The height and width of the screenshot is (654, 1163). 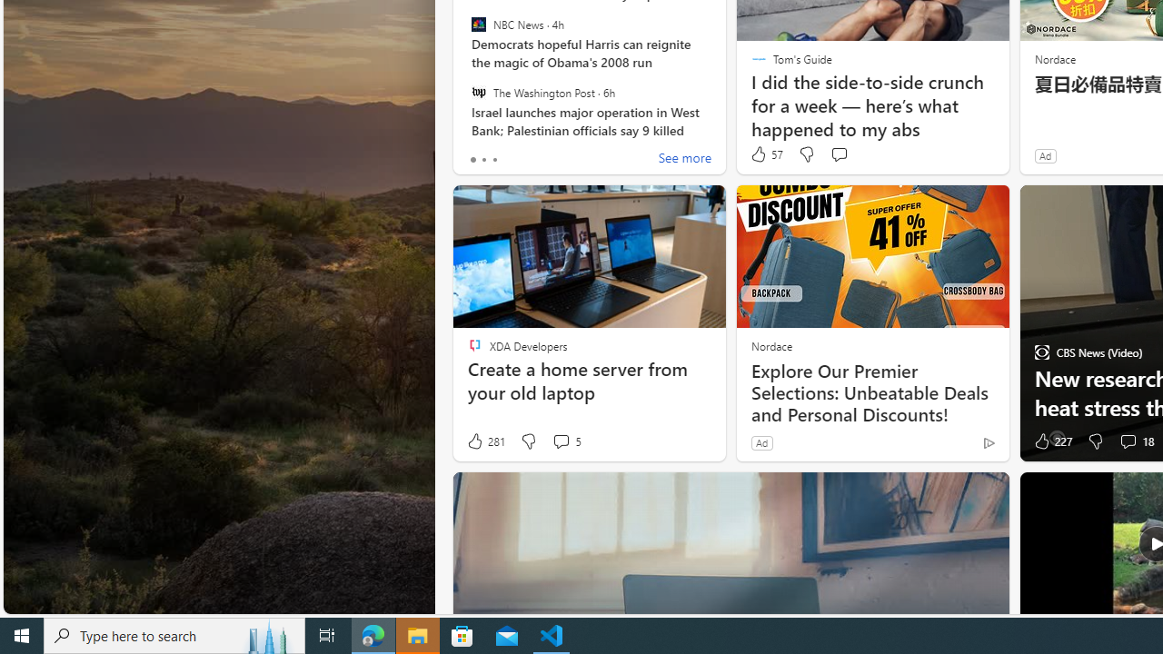 What do you see at coordinates (1051, 441) in the screenshot?
I see `'227 Like'` at bounding box center [1051, 441].